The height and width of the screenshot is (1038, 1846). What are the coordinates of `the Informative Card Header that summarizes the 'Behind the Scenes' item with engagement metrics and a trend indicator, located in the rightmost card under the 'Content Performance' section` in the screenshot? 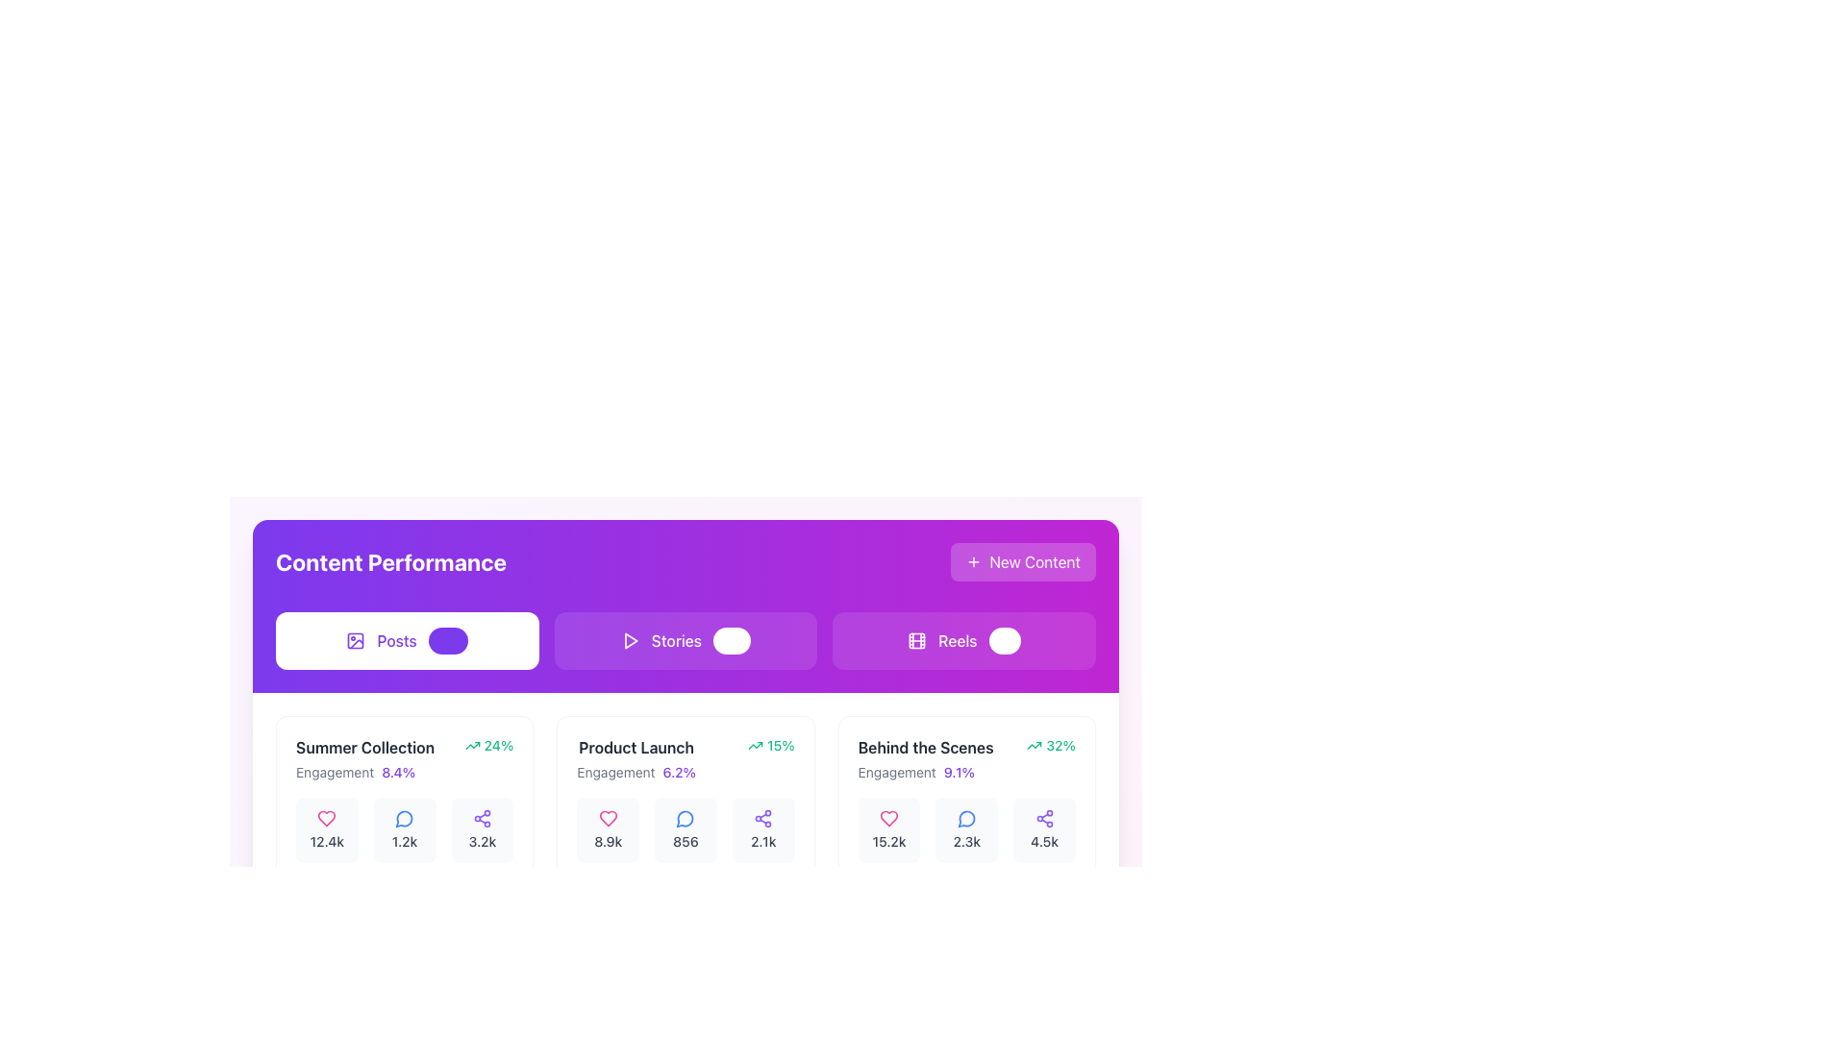 It's located at (966, 758).